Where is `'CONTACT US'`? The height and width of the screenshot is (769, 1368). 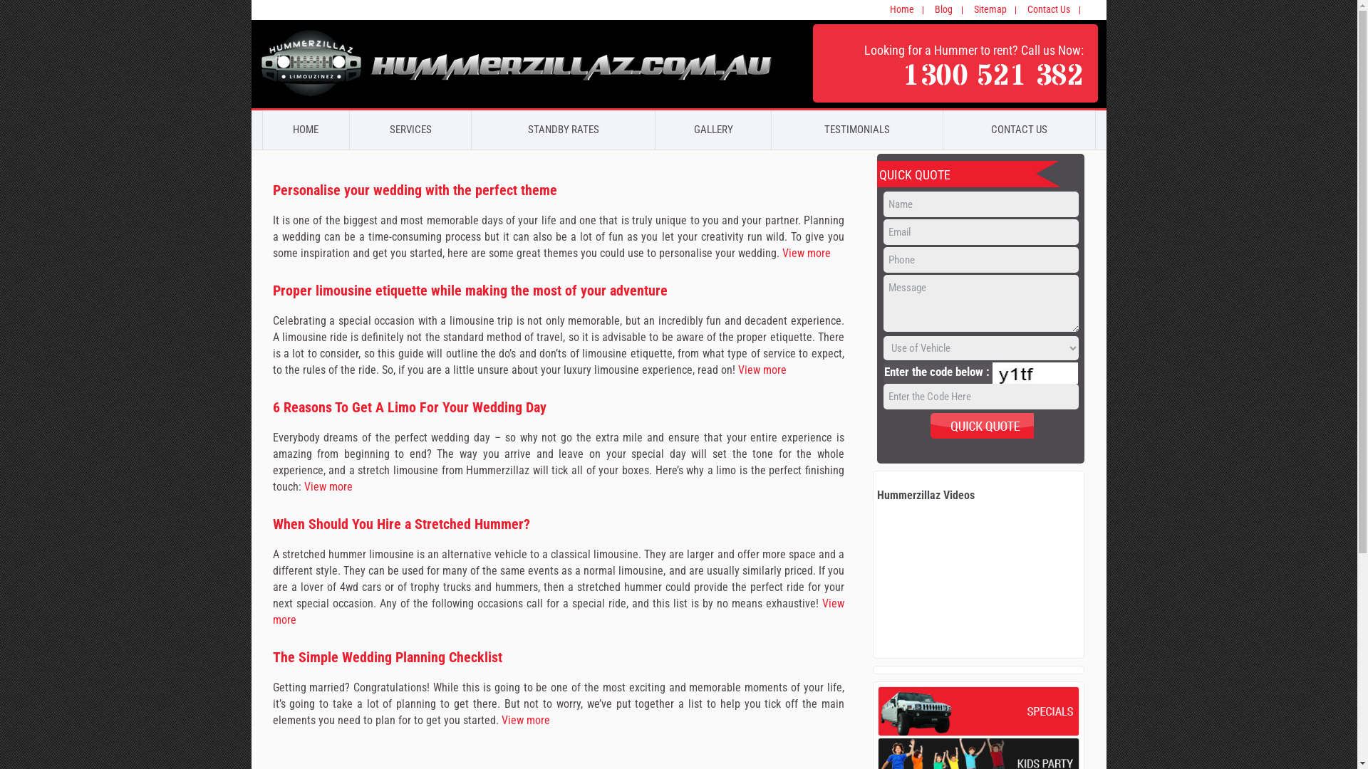
'CONTACT US' is located at coordinates (1018, 130).